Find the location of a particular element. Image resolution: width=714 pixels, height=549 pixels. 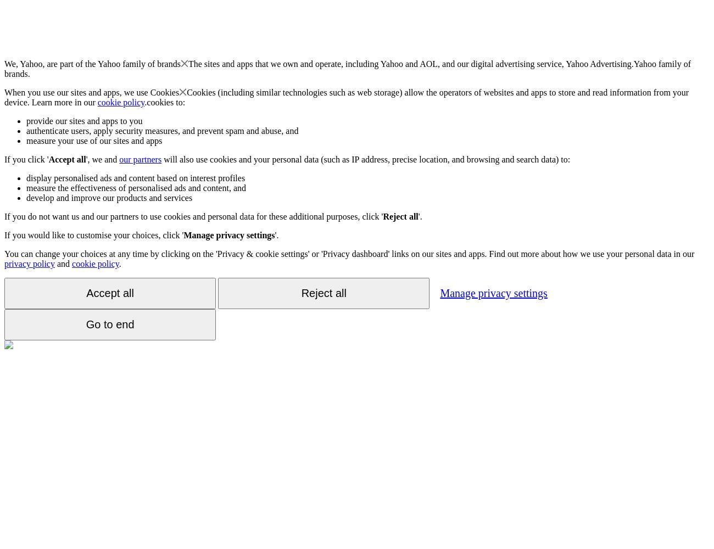

'Yahoo family of brands' is located at coordinates (138, 63).